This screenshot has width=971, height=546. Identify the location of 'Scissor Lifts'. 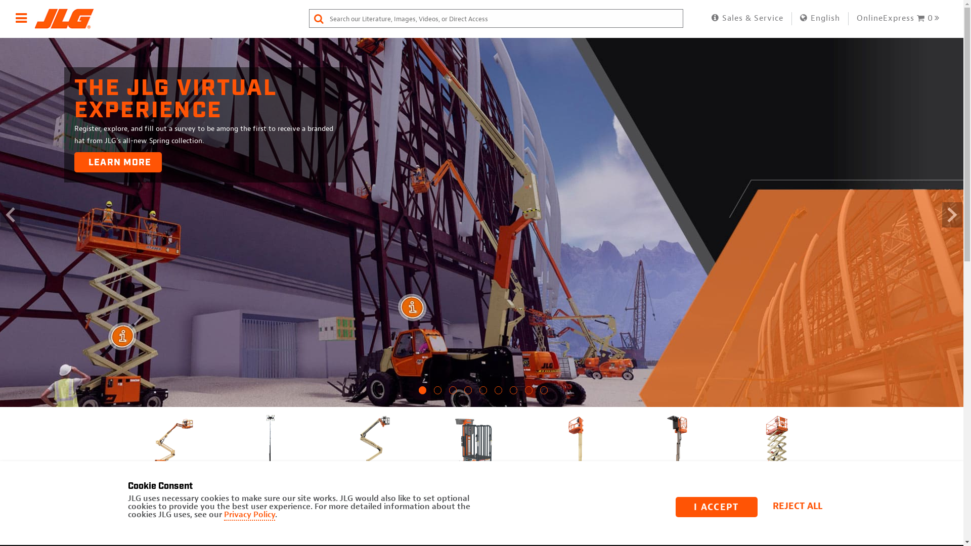
(776, 449).